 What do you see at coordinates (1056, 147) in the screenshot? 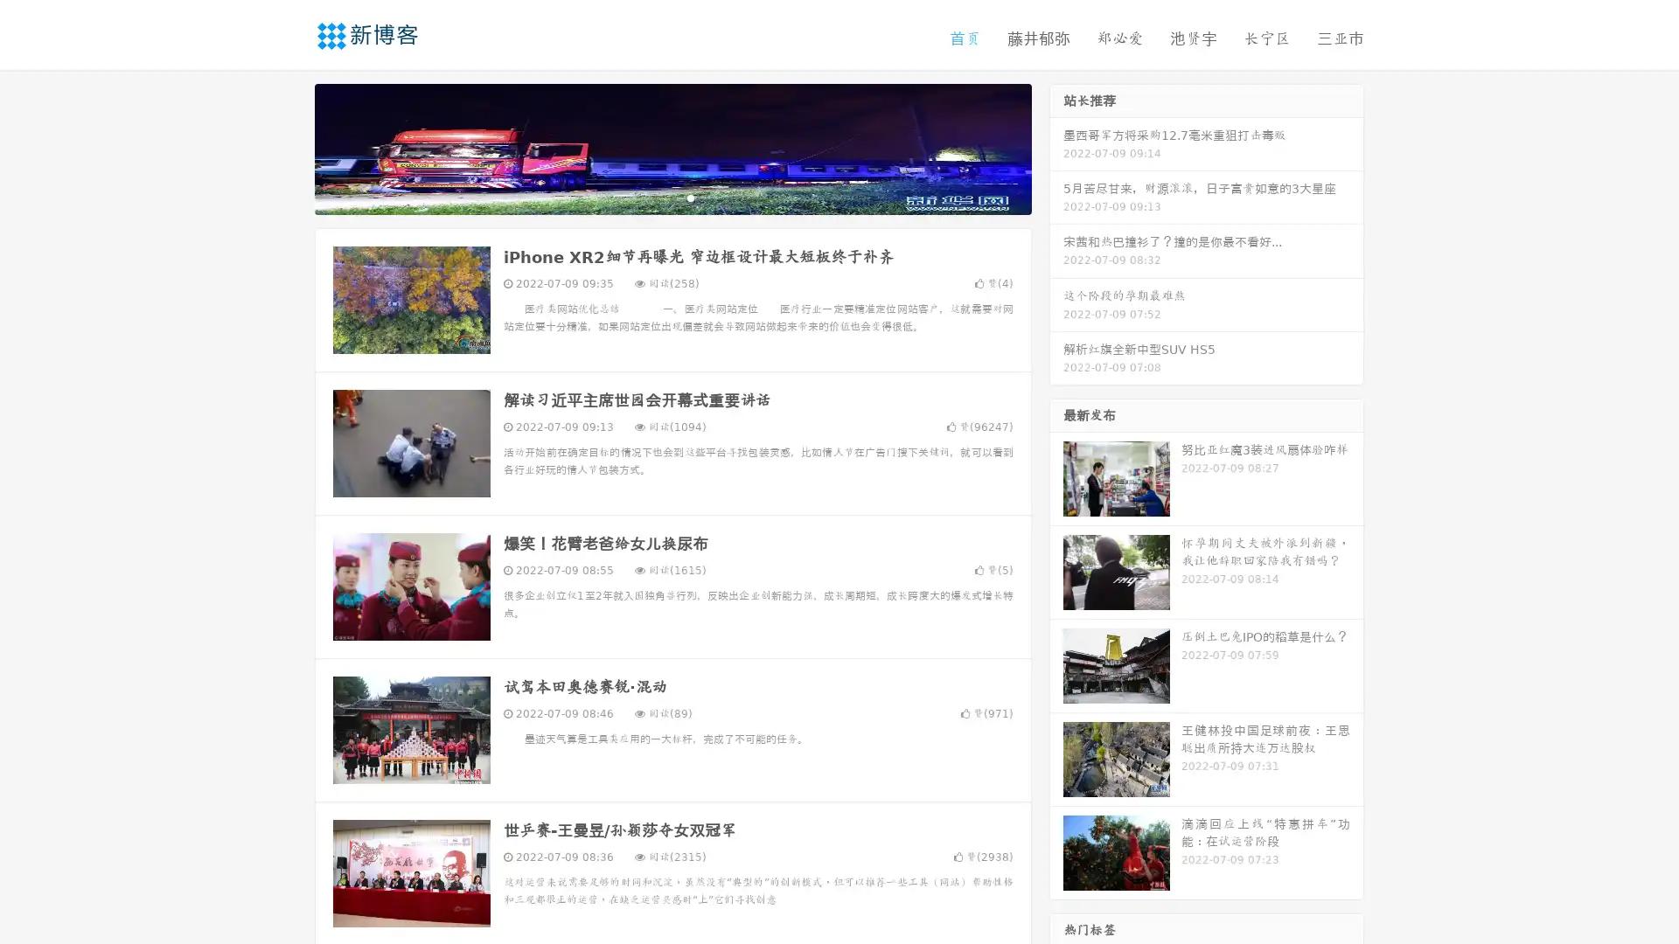
I see `Next slide` at bounding box center [1056, 147].